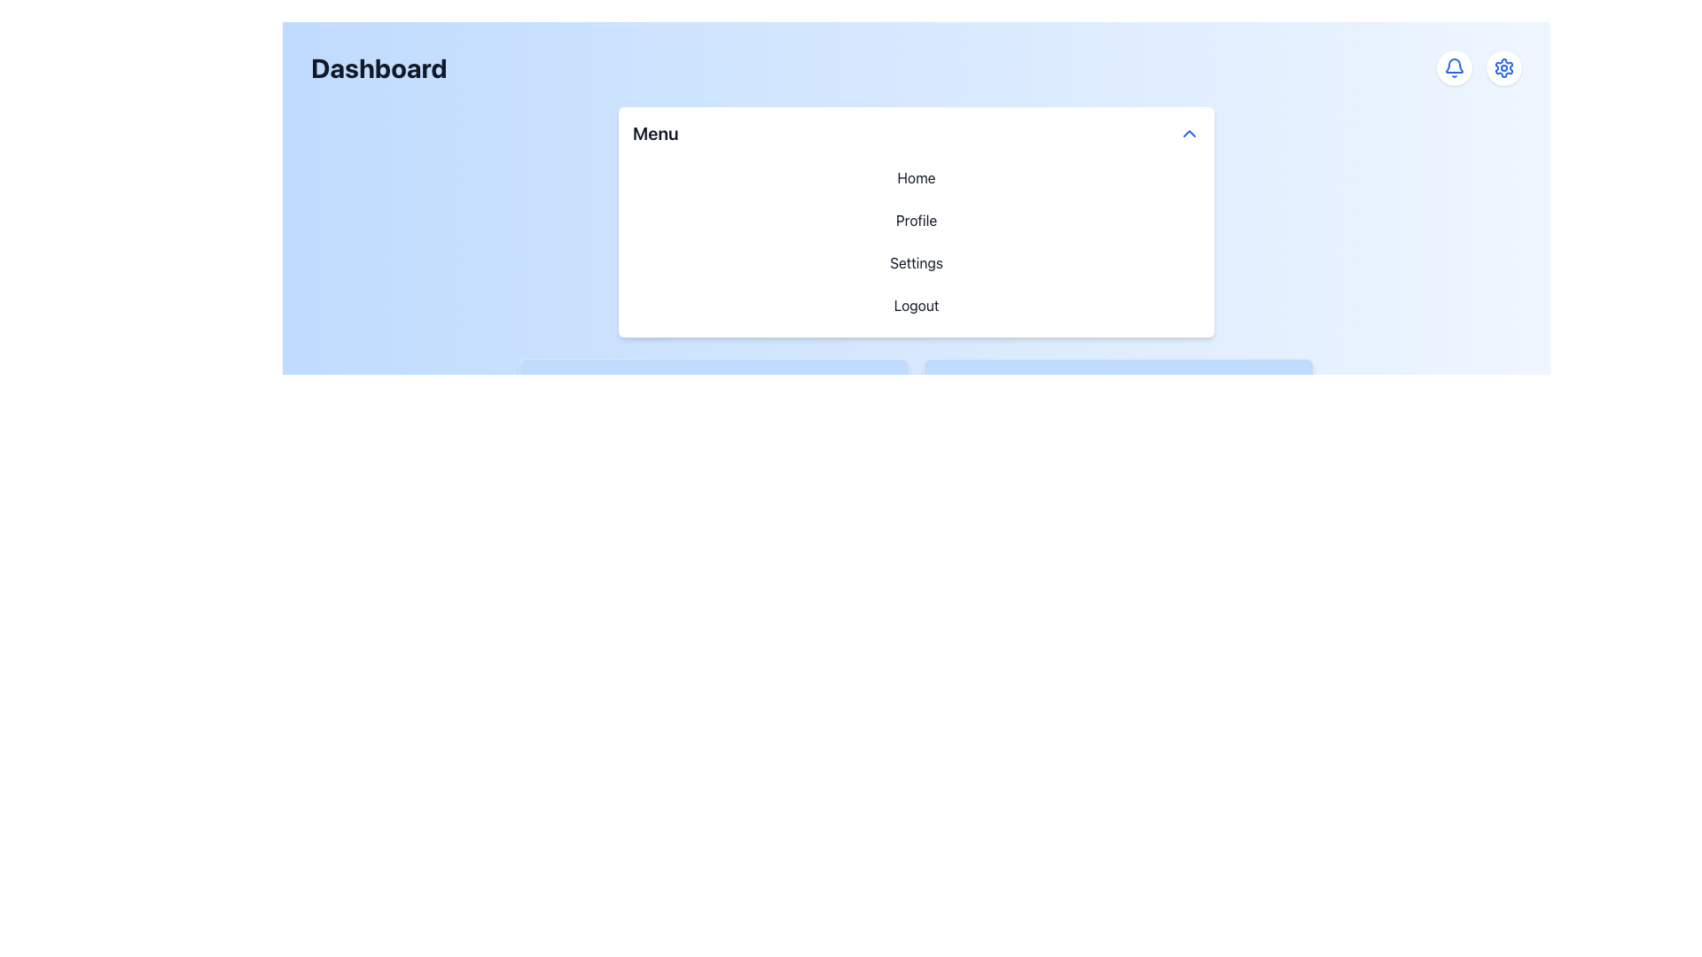 The height and width of the screenshot is (957, 1702). What do you see at coordinates (1455, 65) in the screenshot?
I see `the curving base of the blue bell-shaped icon located in the top-right corner of the interface` at bounding box center [1455, 65].